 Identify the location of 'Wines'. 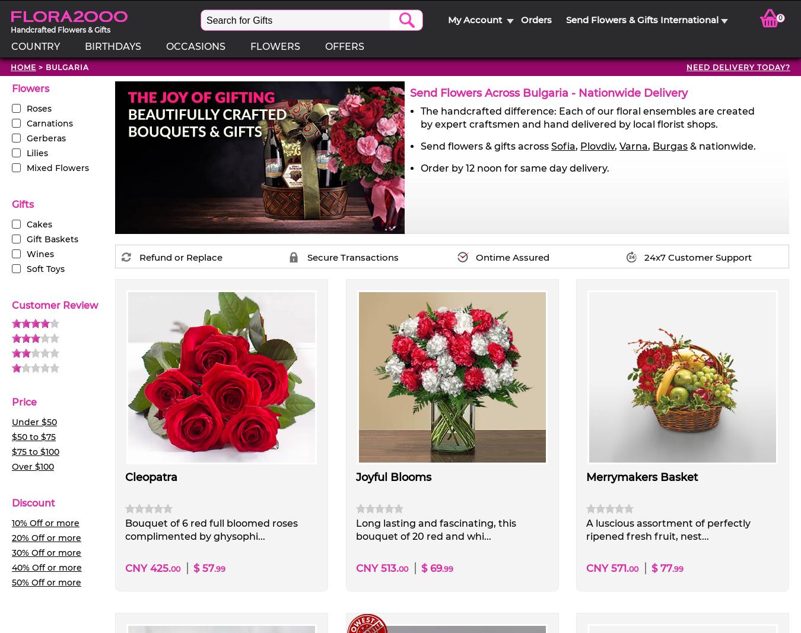
(40, 254).